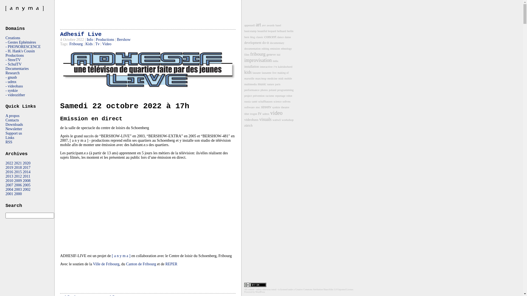 The width and height of the screenshot is (527, 296). Describe the element at coordinates (272, 78) in the screenshot. I see `'medicine'` at that location.